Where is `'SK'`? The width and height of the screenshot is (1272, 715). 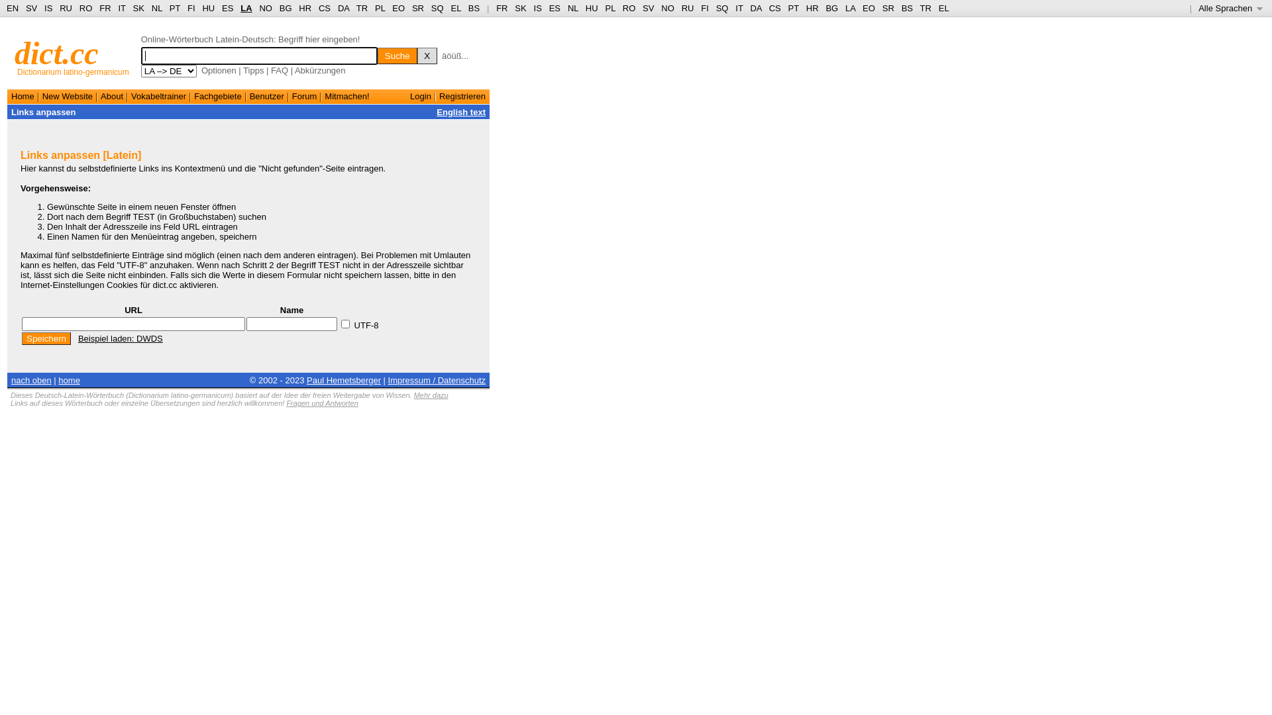 'SK' is located at coordinates (138, 8).